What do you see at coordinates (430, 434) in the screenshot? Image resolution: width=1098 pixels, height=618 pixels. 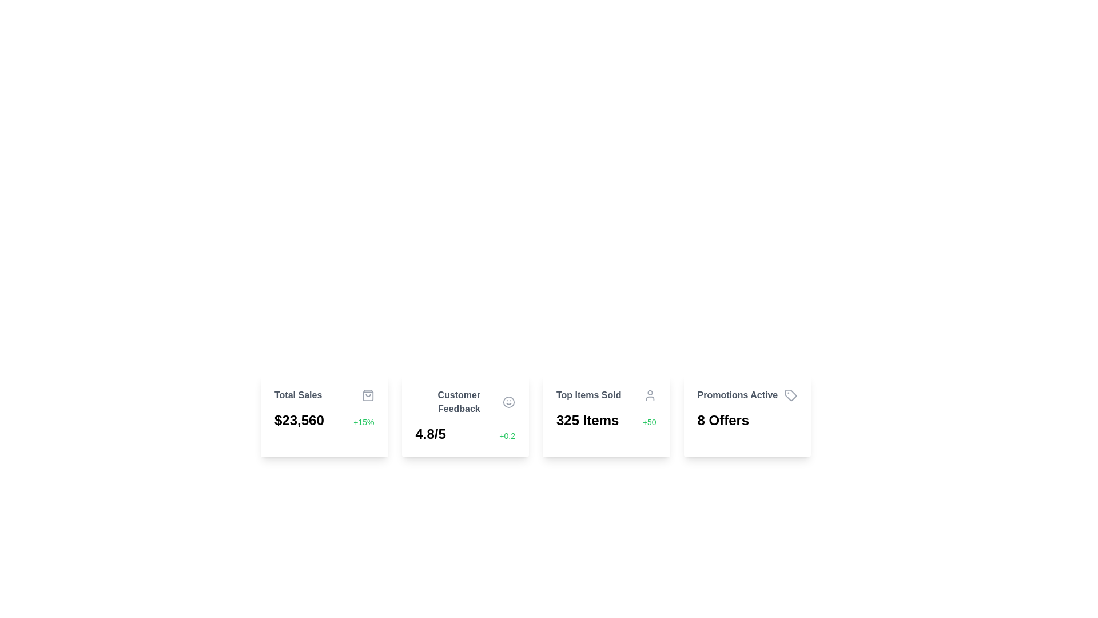 I see `the static text display showing the rating '4.8/5' in bold, large font, located in the 'Customer Feedback' card` at bounding box center [430, 434].